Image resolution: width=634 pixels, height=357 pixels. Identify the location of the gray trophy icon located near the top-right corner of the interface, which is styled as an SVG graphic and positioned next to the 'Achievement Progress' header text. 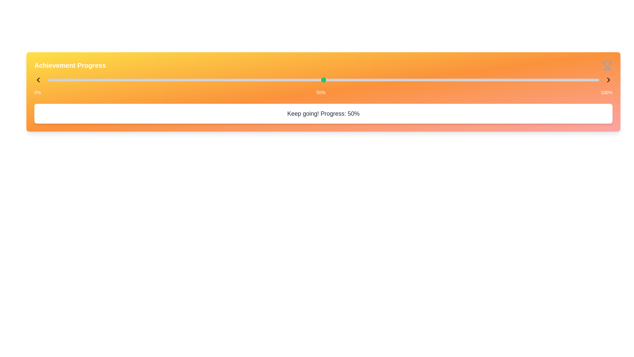
(607, 65).